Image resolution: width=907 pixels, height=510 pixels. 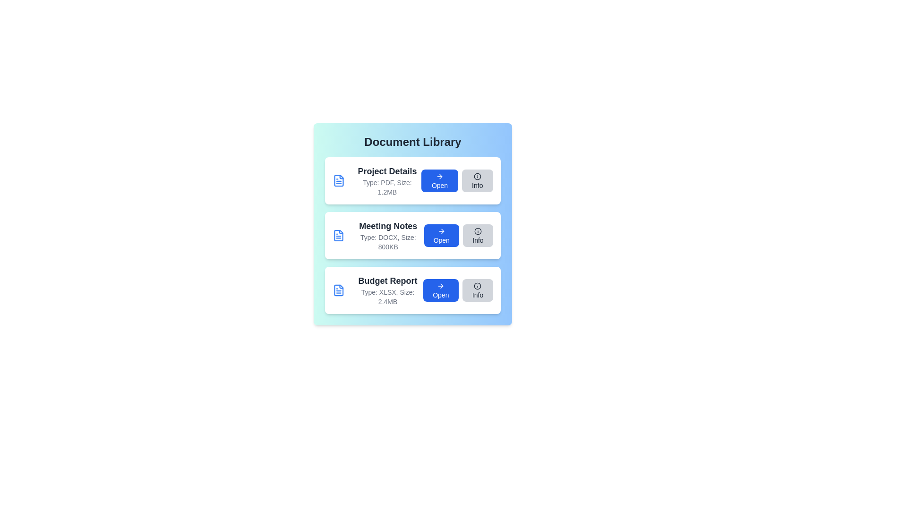 I want to click on the 'Info' button for the document titled 'Meeting Notes', so click(x=478, y=235).